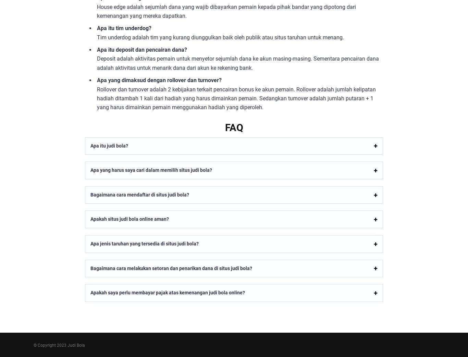 The width and height of the screenshot is (468, 357). Describe the element at coordinates (129, 218) in the screenshot. I see `'Apakah situs judi bola online aman?'` at that location.